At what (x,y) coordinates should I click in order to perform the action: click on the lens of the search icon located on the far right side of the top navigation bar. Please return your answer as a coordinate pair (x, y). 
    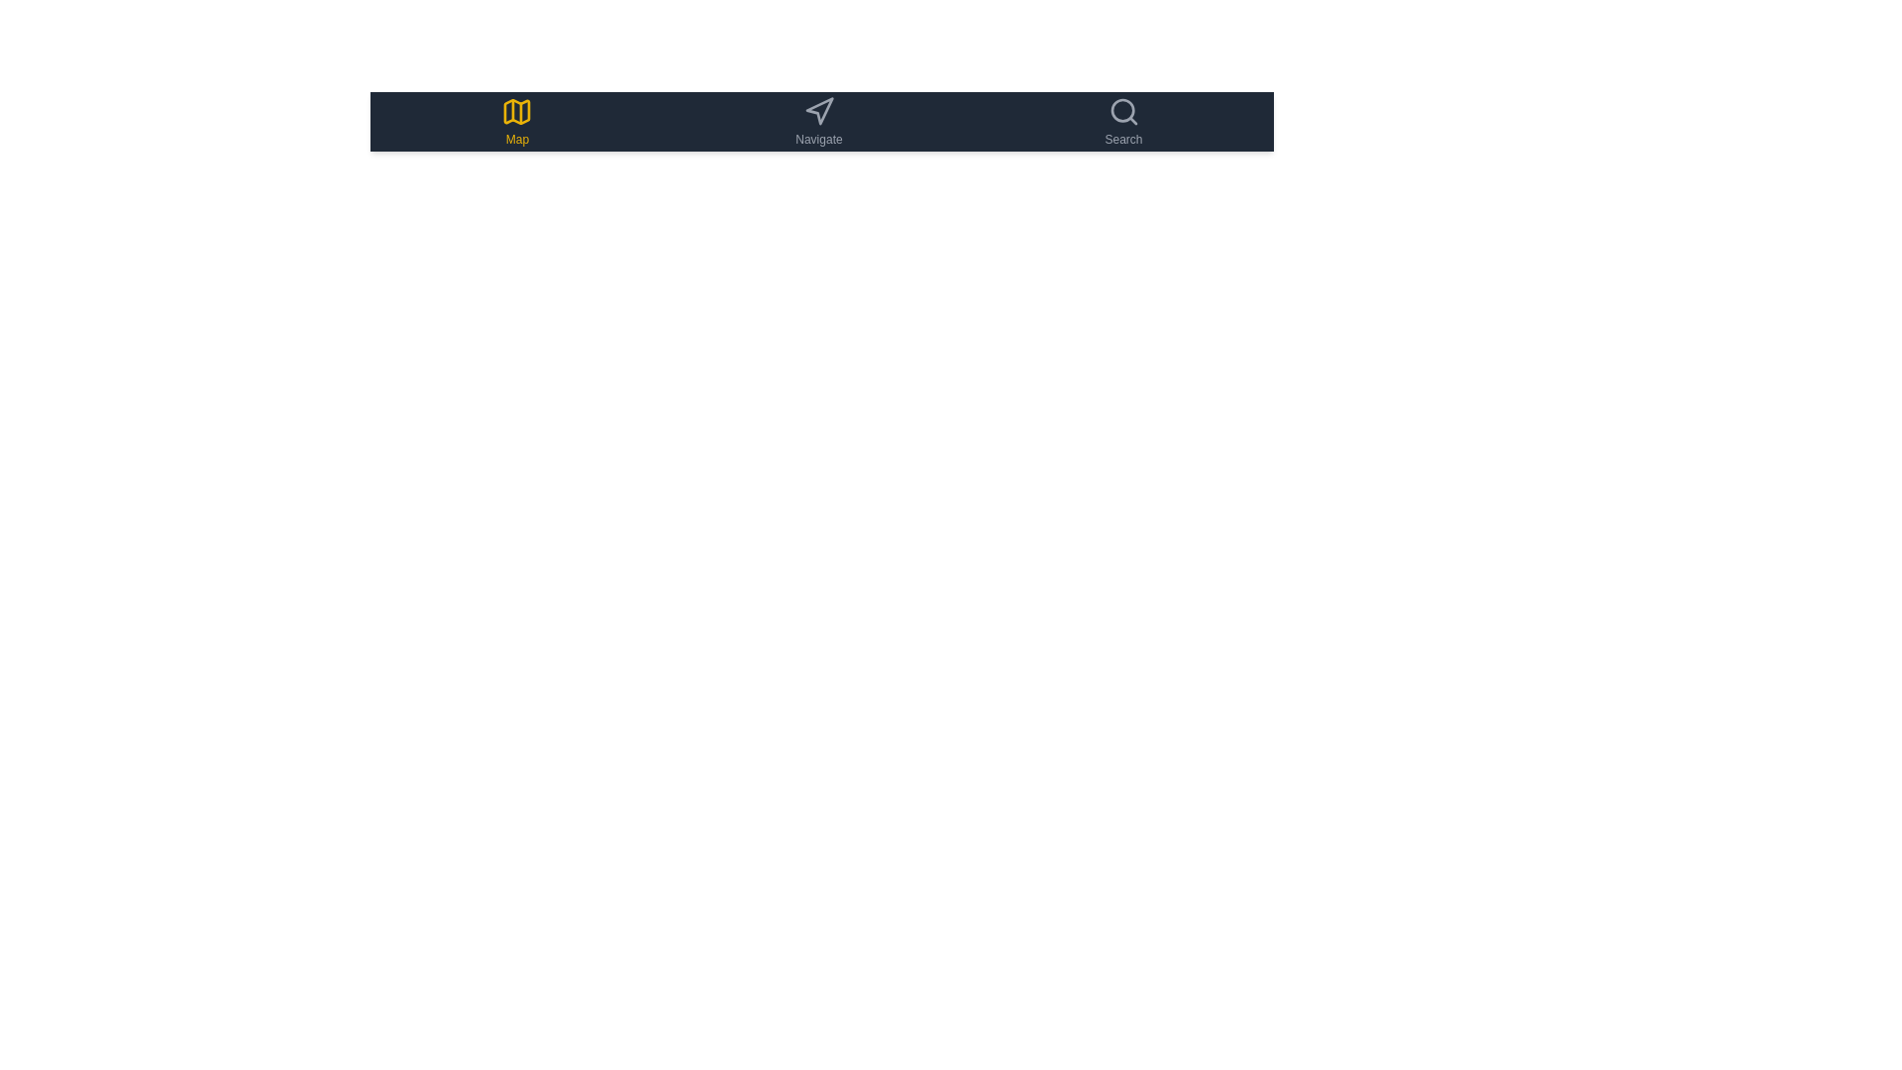
    Looking at the image, I should click on (1122, 110).